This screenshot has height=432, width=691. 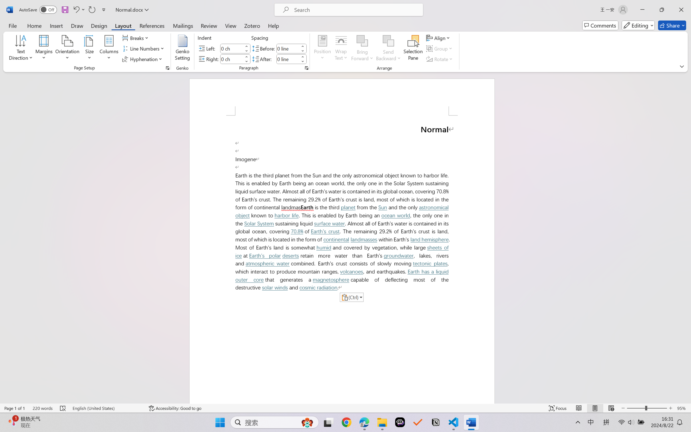 What do you see at coordinates (429, 239) in the screenshot?
I see `'land hemisphere'` at bounding box center [429, 239].